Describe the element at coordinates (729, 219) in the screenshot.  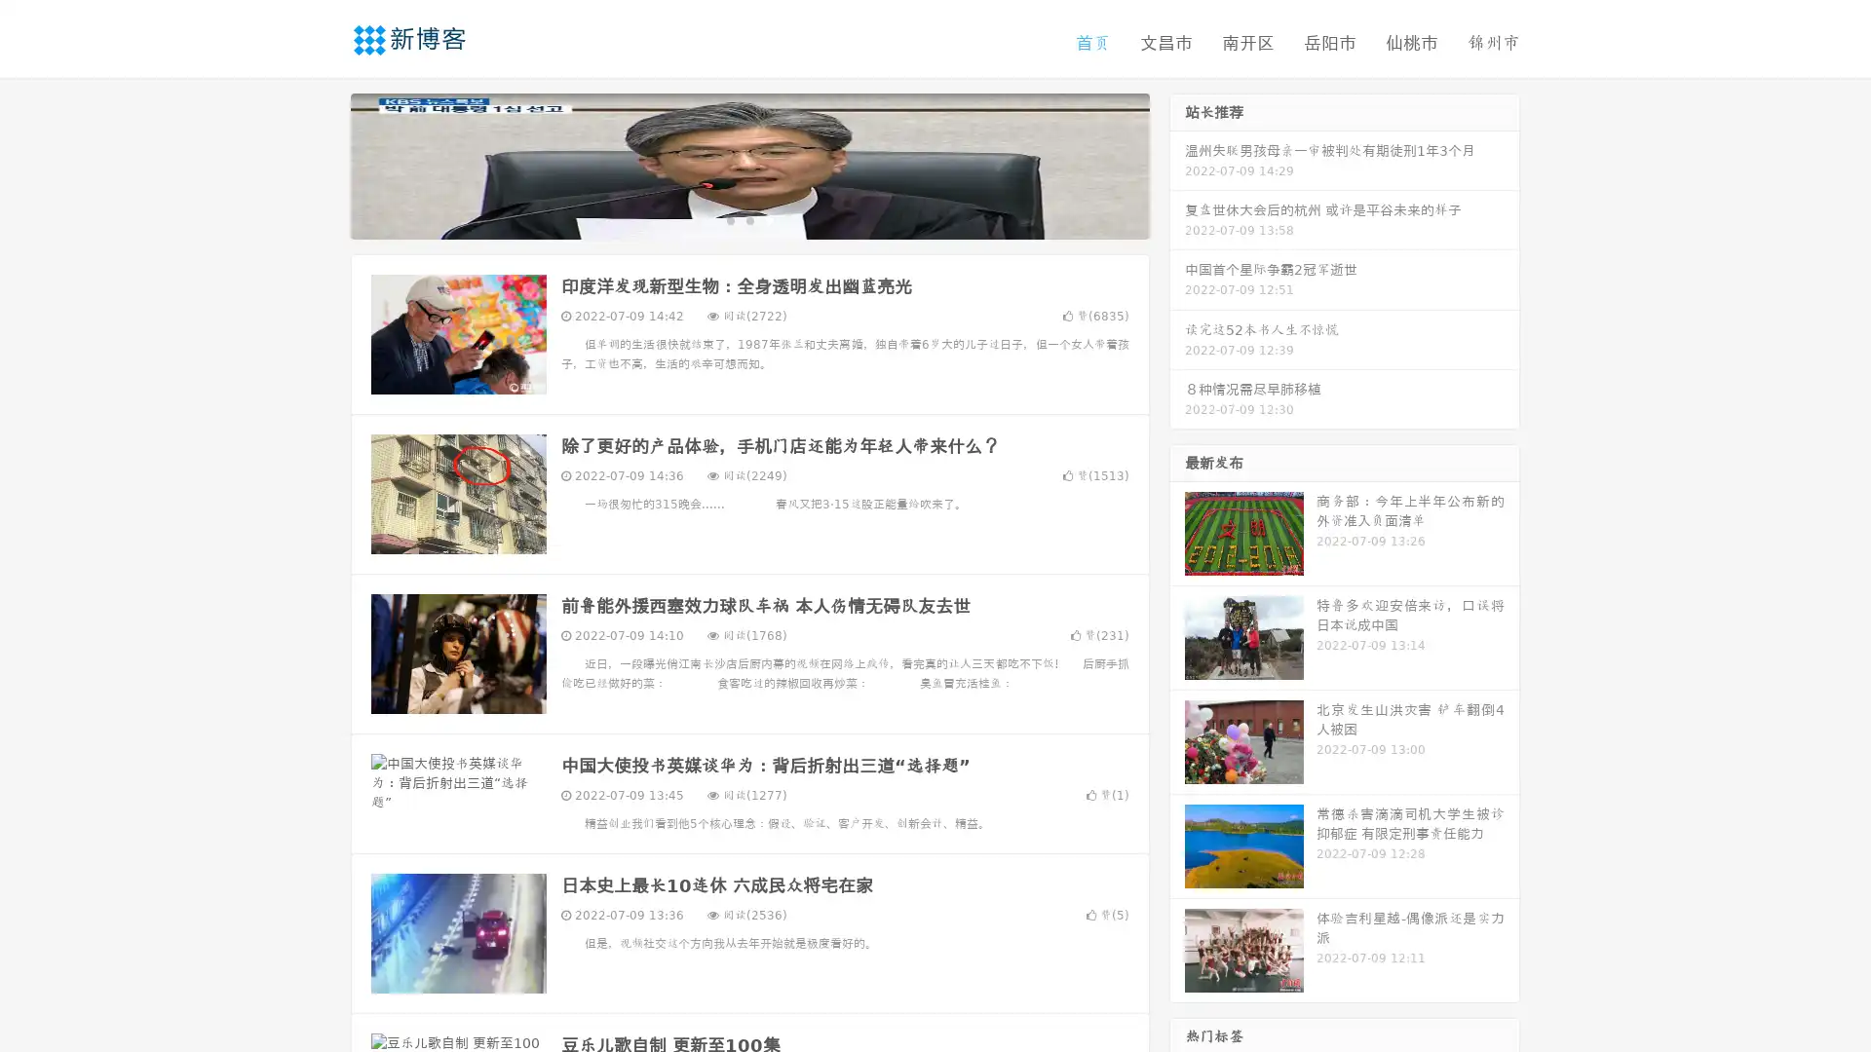
I see `Go to slide 1` at that location.